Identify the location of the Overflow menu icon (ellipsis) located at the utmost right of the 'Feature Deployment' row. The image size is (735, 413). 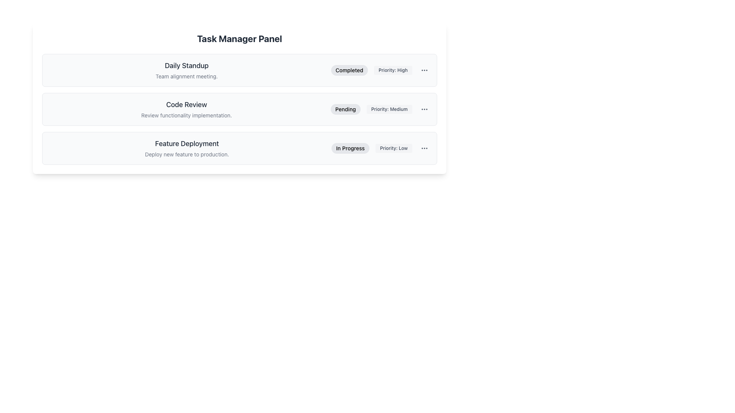
(424, 148).